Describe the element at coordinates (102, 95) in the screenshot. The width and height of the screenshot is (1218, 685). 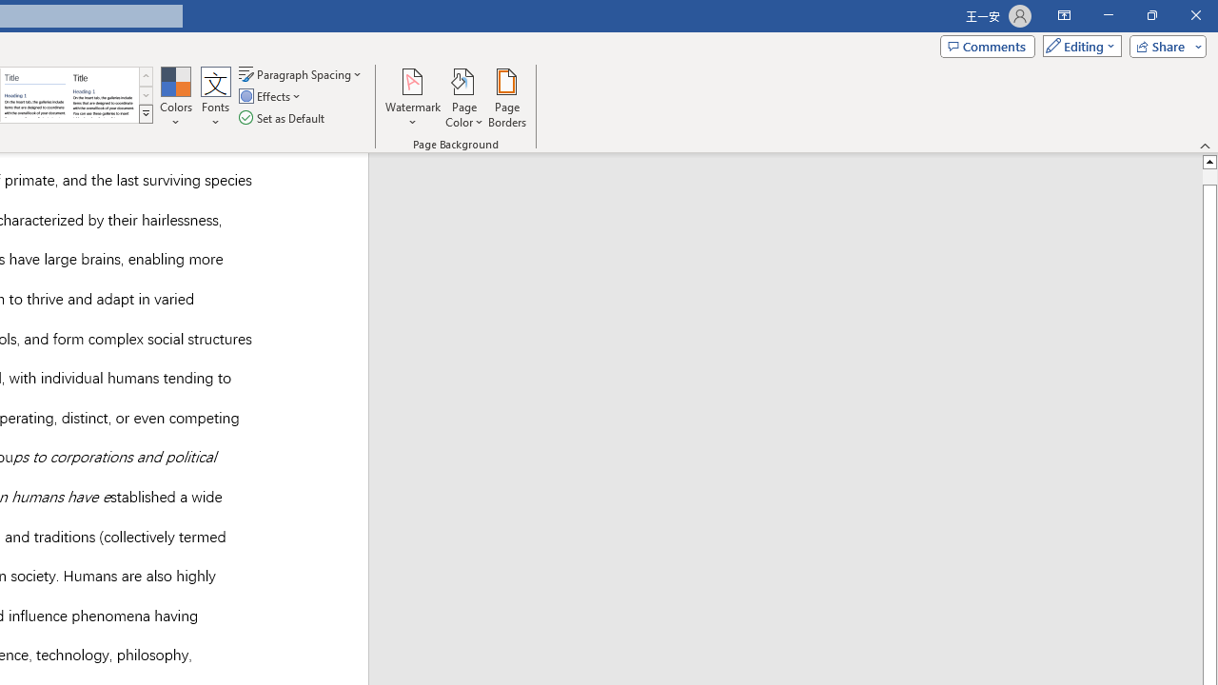
I see `'Word 2013'` at that location.